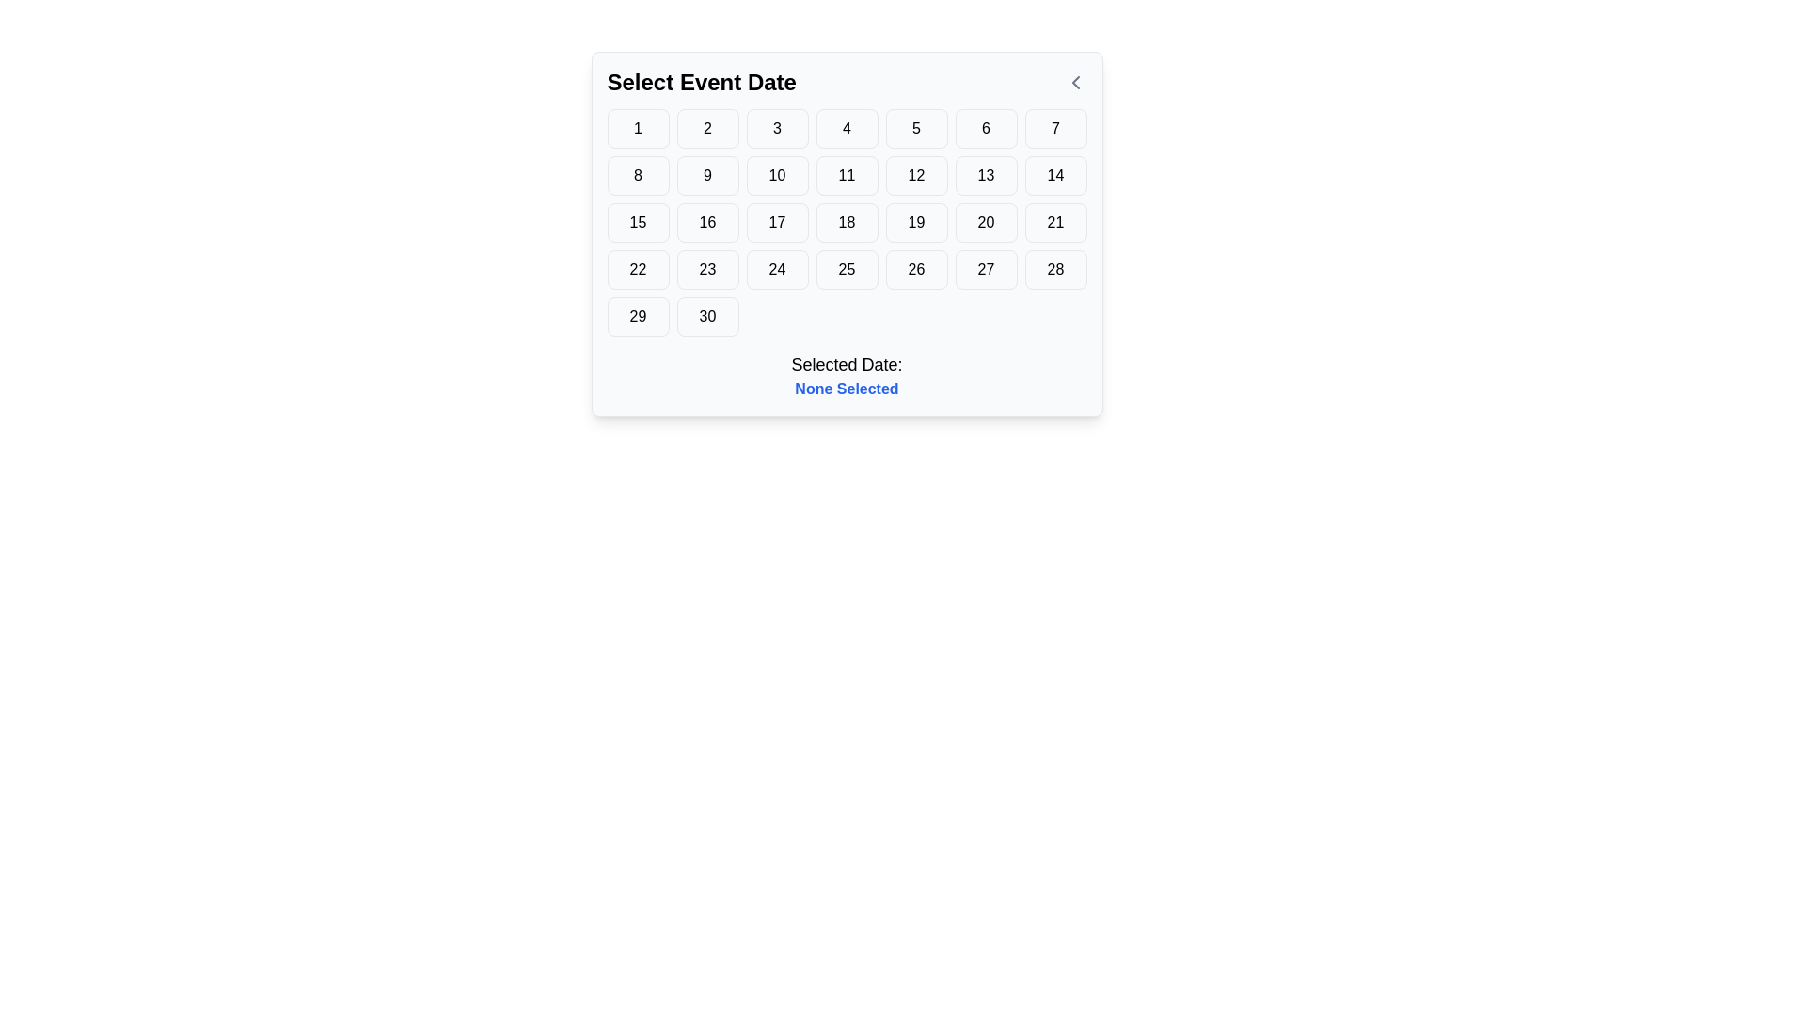 Image resolution: width=1806 pixels, height=1016 pixels. Describe the element at coordinates (1055, 128) in the screenshot. I see `the button representing the number '7' located in the top-right corner of the first row of a grid` at that location.